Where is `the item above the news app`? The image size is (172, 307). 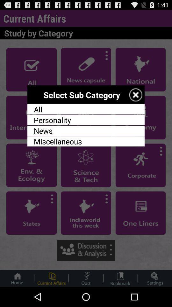
the item above the news app is located at coordinates (86, 120).